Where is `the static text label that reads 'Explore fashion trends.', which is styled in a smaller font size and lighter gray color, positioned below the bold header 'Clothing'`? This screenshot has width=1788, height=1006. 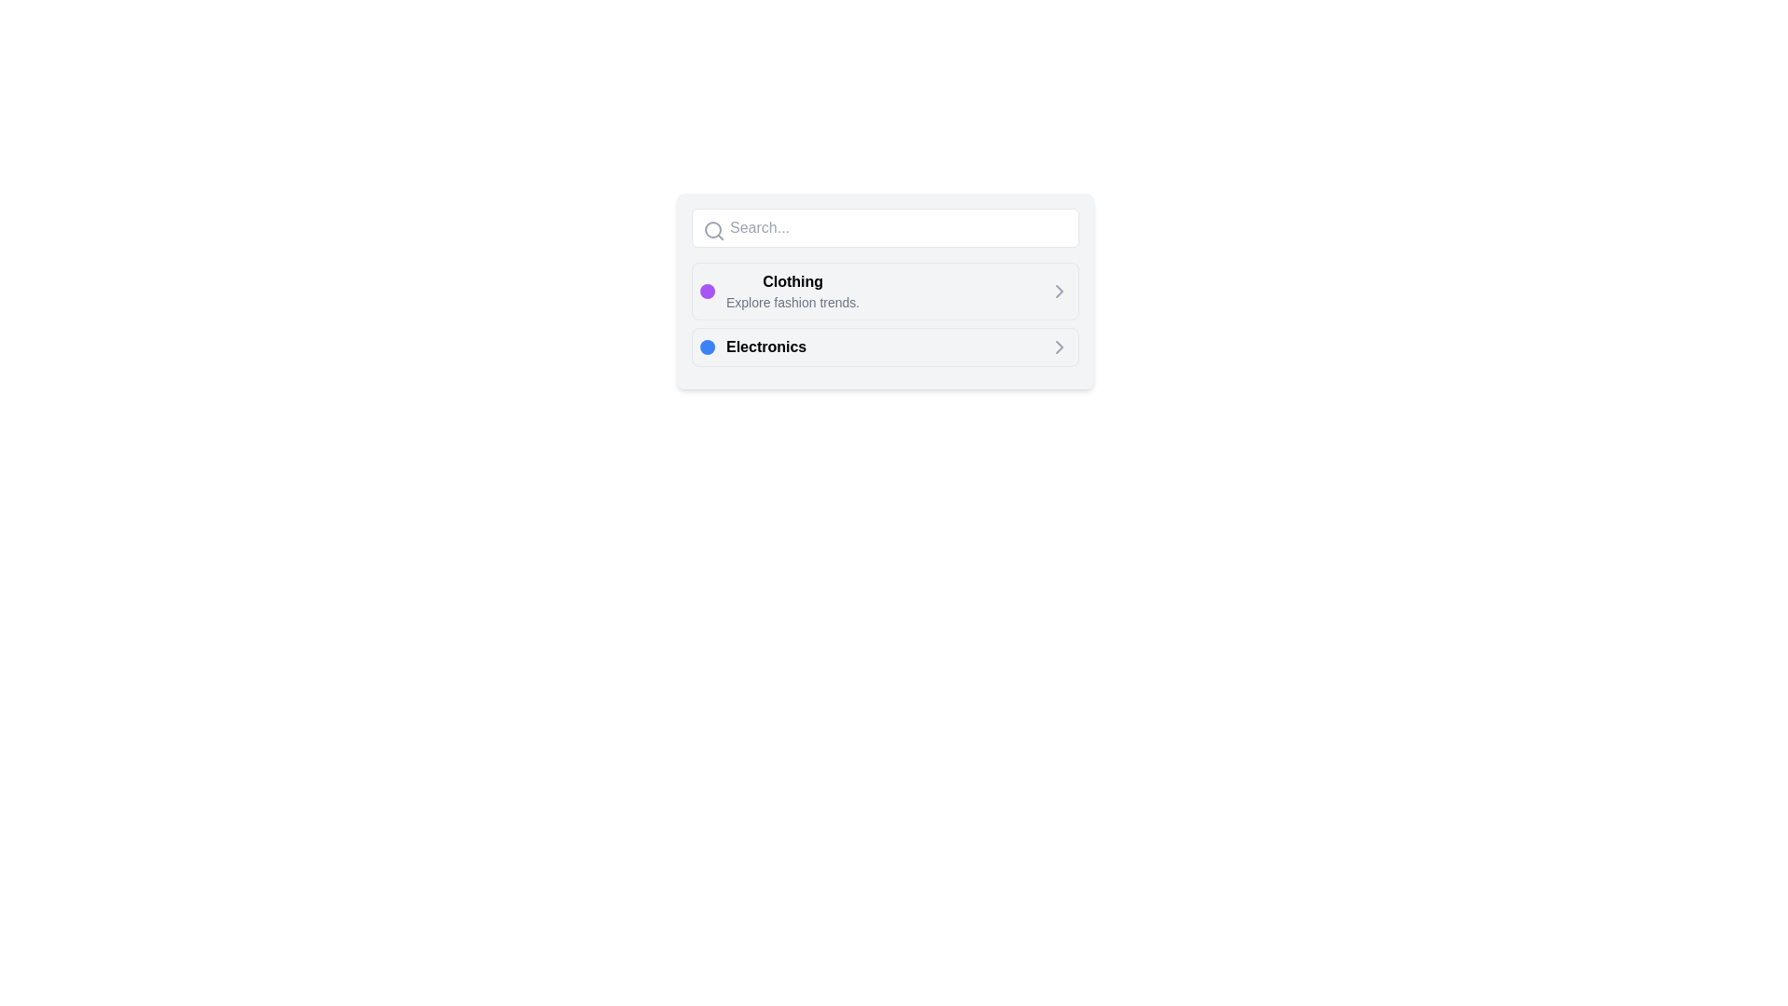 the static text label that reads 'Explore fashion trends.', which is styled in a smaller font size and lighter gray color, positioned below the bold header 'Clothing' is located at coordinates (792, 301).